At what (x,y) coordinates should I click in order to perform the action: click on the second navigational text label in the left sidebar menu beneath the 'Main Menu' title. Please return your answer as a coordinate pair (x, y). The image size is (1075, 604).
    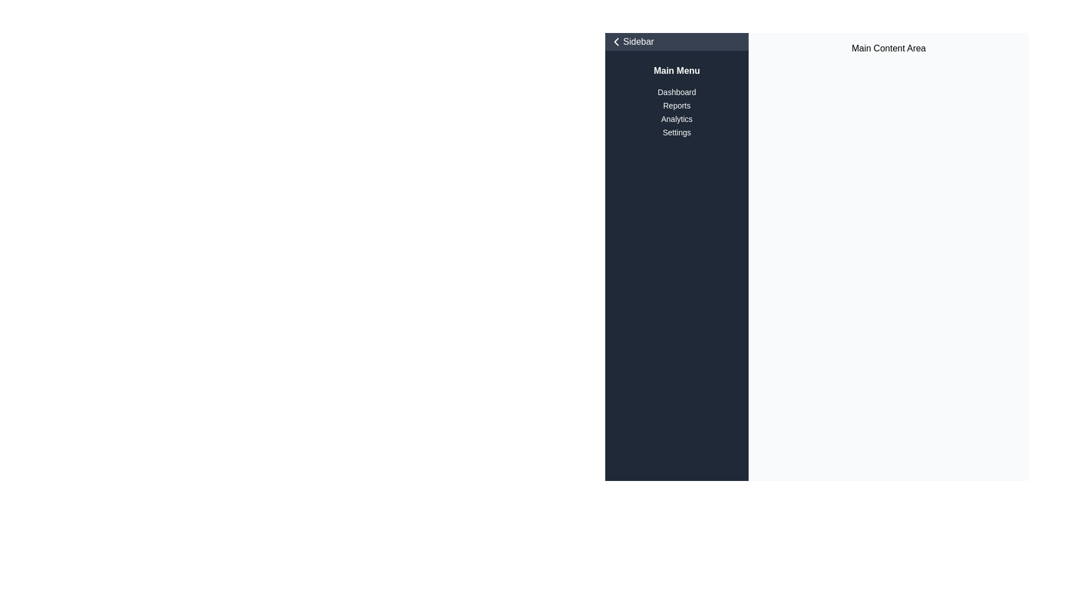
    Looking at the image, I should click on (676, 112).